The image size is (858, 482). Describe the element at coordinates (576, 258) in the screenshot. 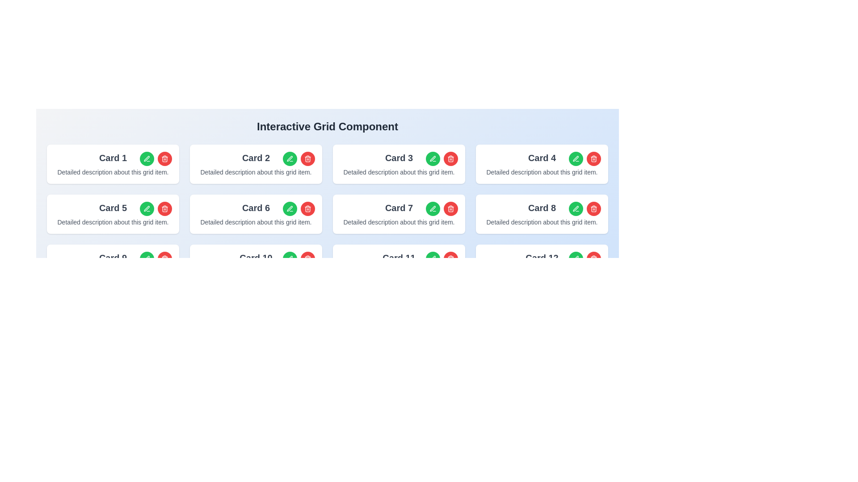

I see `the edit icon (pen symbol) located in the top-right corner of 'Card 8'` at that location.